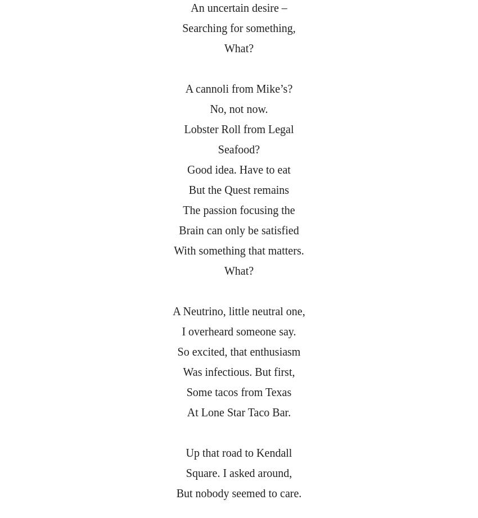 The width and height of the screenshot is (478, 518). Describe the element at coordinates (238, 8) in the screenshot. I see `'An uncertain desire –'` at that location.